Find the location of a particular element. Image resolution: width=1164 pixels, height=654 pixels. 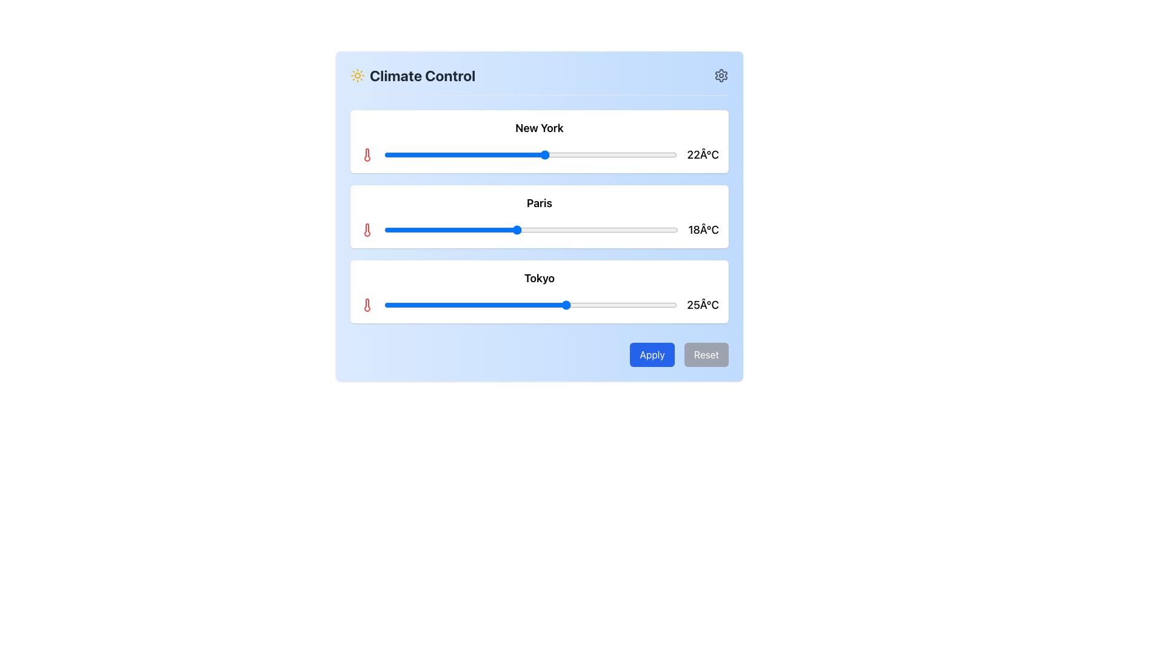

the 'Climate Control' text label, which is styled in a bold, large font and located near a small yellow sun-shaped icon is located at coordinates (423, 75).